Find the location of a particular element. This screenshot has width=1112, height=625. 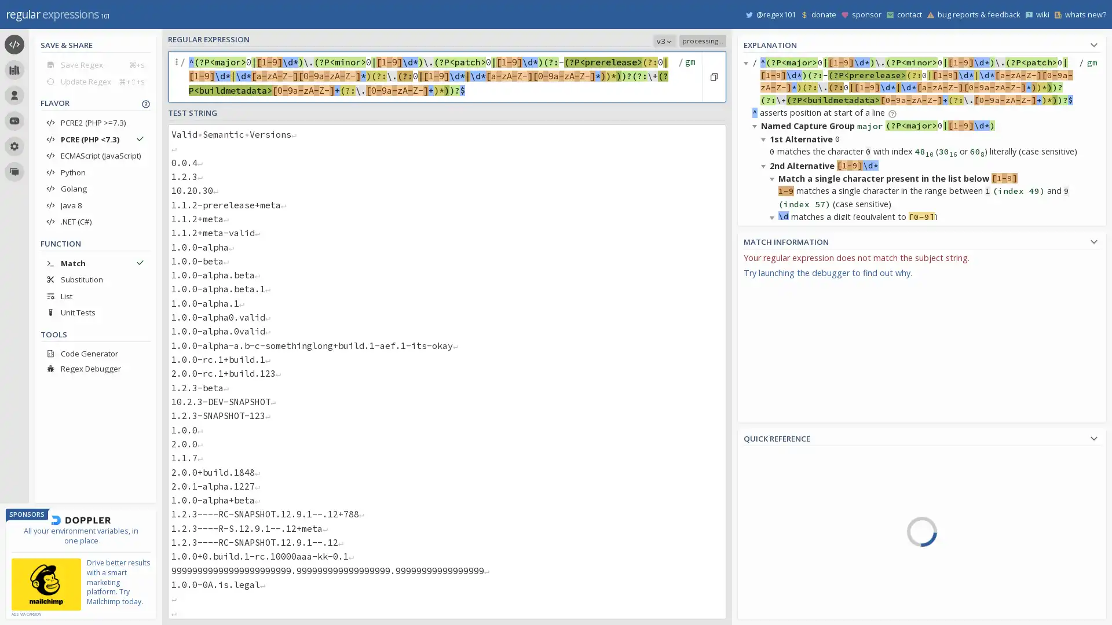

Collapse Subtree is located at coordinates (774, 505).